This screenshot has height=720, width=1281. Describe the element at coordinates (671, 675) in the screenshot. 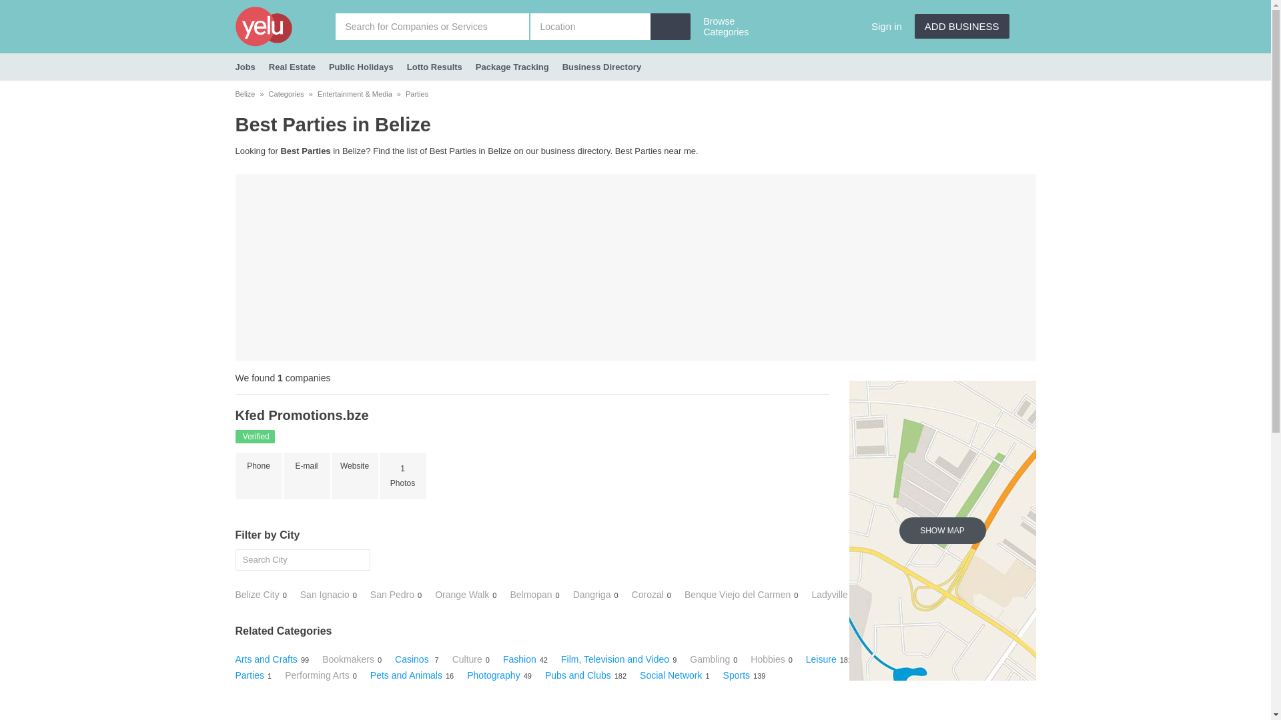

I see `'Social Network'` at that location.